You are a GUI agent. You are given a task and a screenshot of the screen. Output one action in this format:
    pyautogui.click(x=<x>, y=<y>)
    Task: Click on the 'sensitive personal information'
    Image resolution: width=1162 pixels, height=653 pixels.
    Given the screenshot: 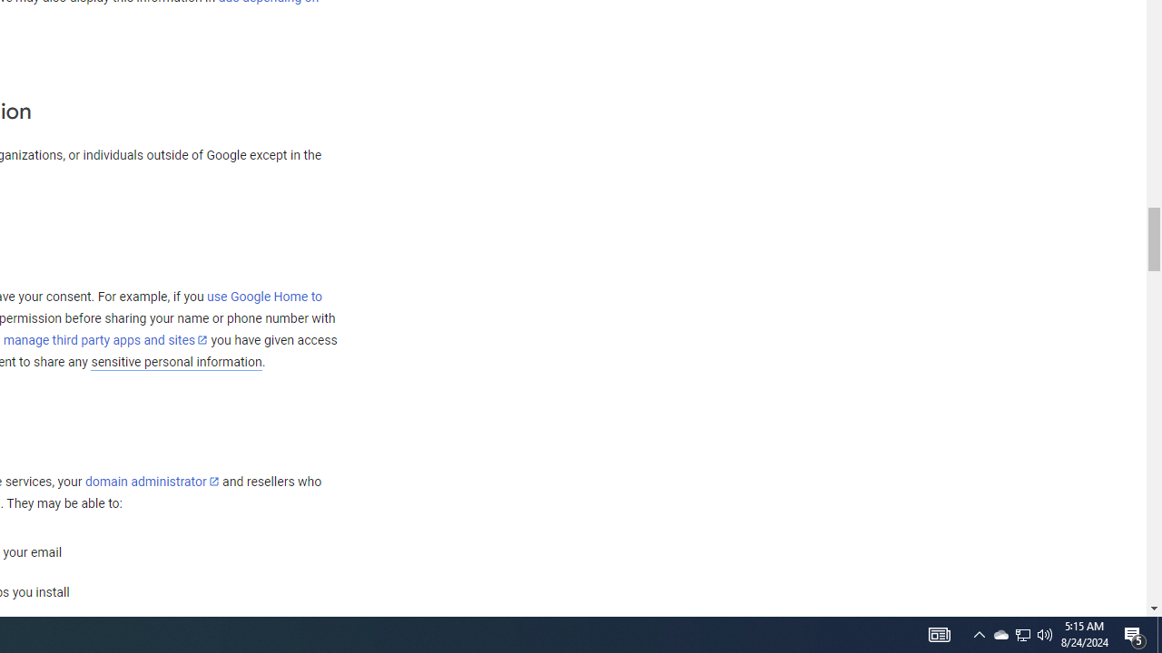 What is the action you would take?
    pyautogui.click(x=176, y=362)
    